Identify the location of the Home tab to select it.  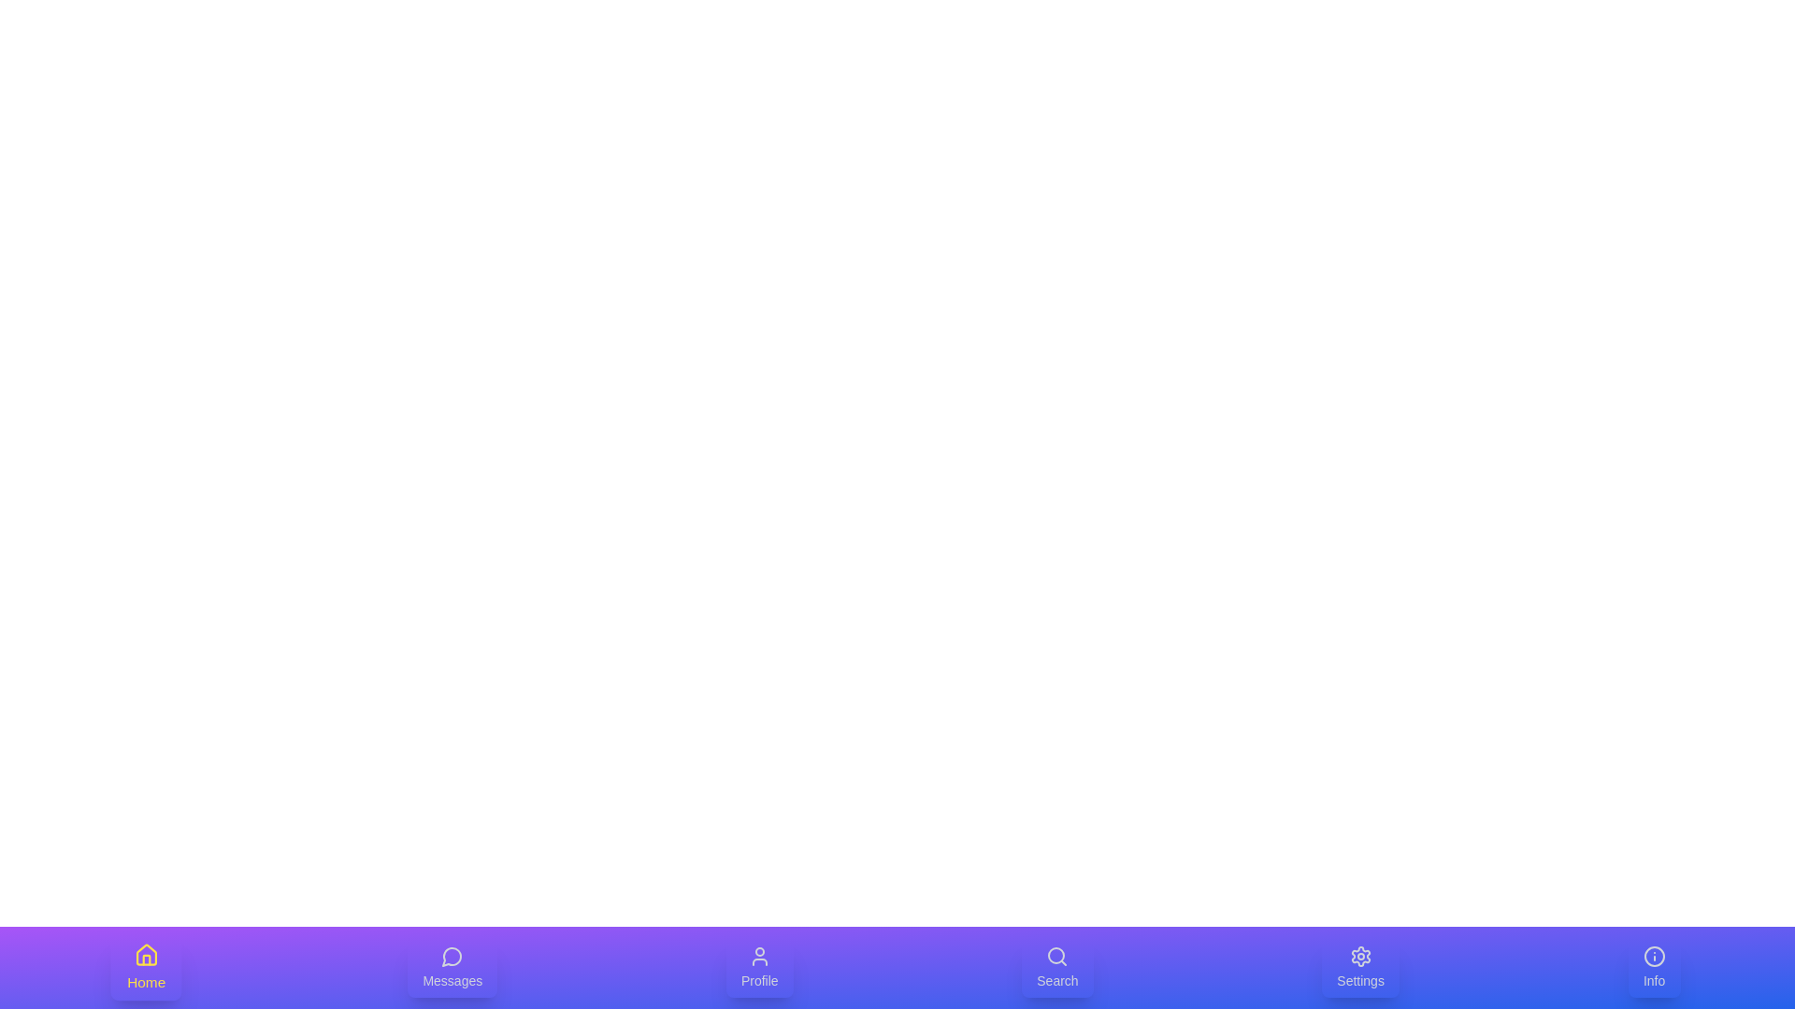
(146, 967).